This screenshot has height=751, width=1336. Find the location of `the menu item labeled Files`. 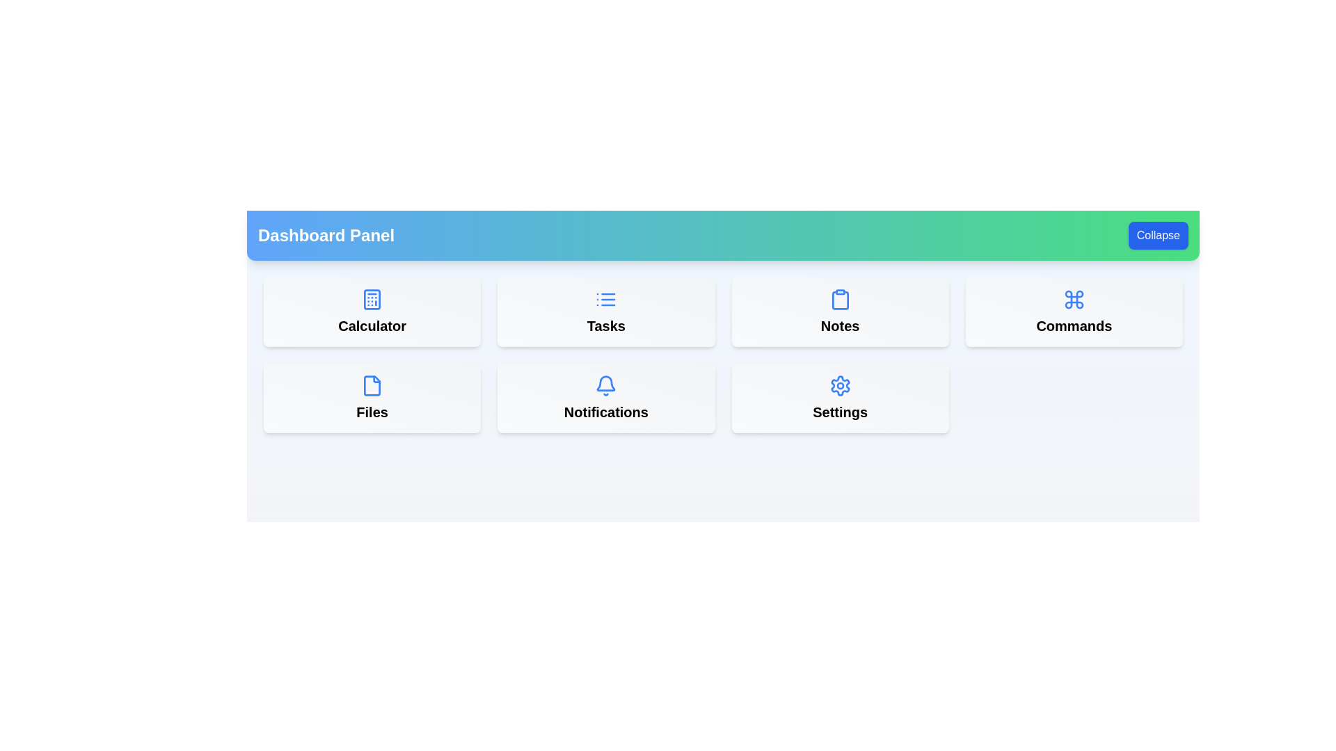

the menu item labeled Files is located at coordinates (372, 398).